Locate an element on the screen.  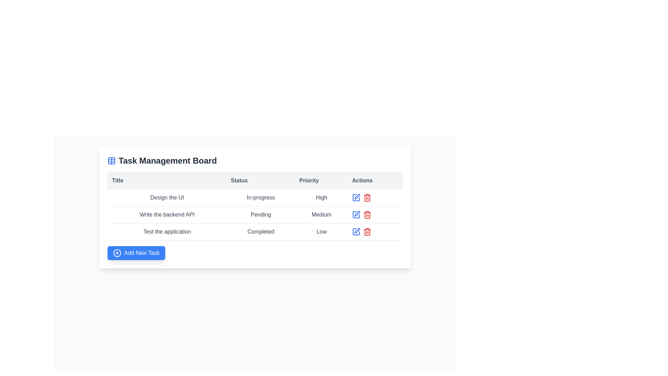
the icon in the 'Actions' column of the third row associated with the task titled 'Test the application.' is located at coordinates (356, 197).